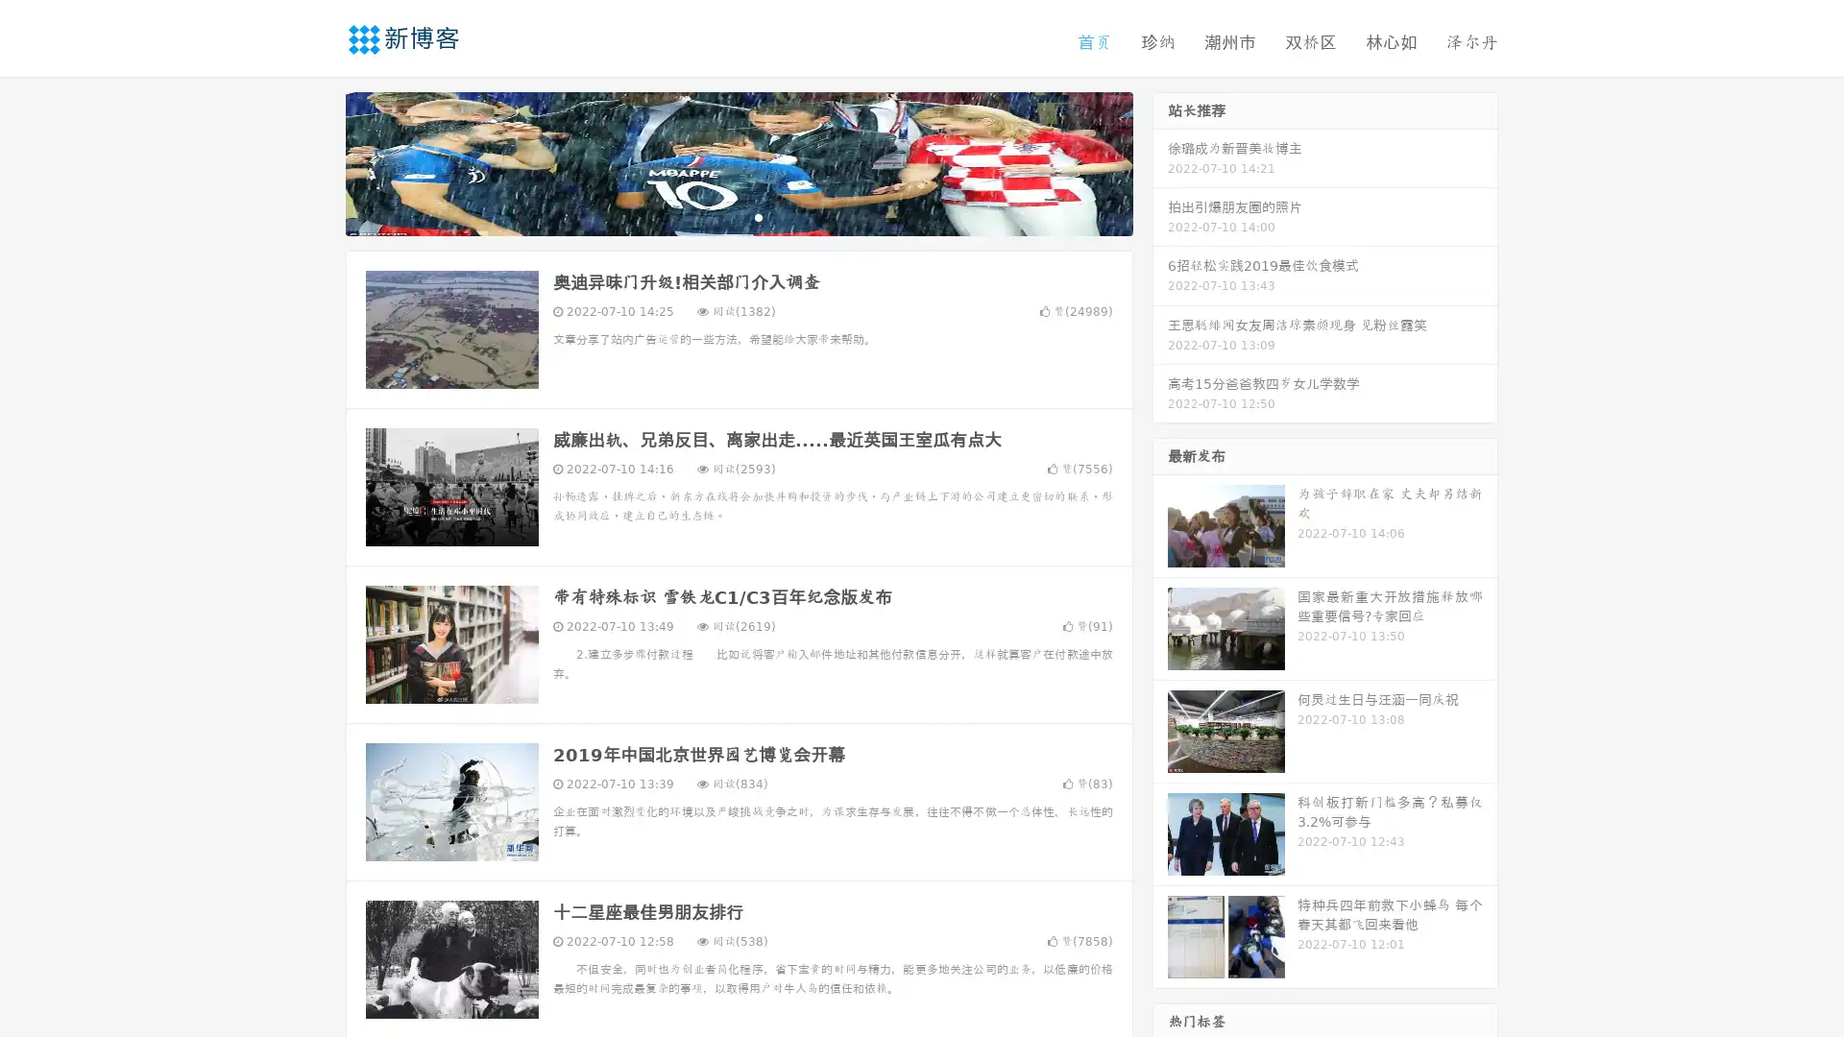  Describe the element at coordinates (1160, 161) in the screenshot. I see `Next slide` at that location.